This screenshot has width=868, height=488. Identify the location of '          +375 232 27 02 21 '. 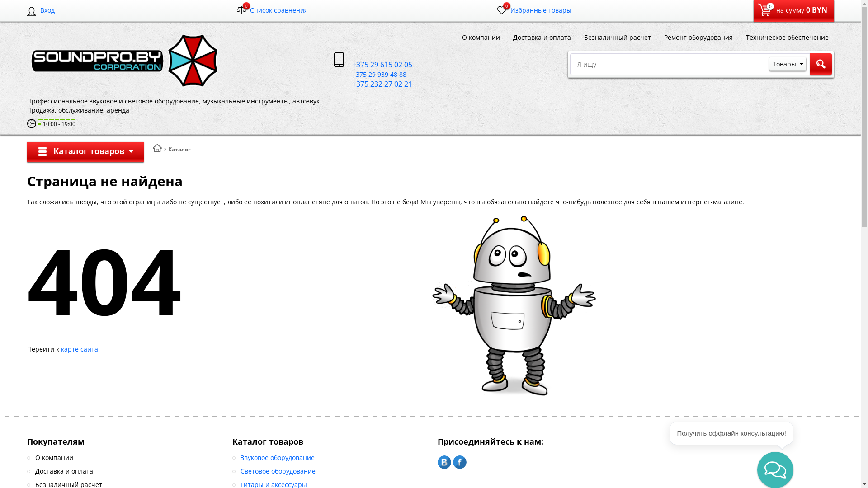
(374, 84).